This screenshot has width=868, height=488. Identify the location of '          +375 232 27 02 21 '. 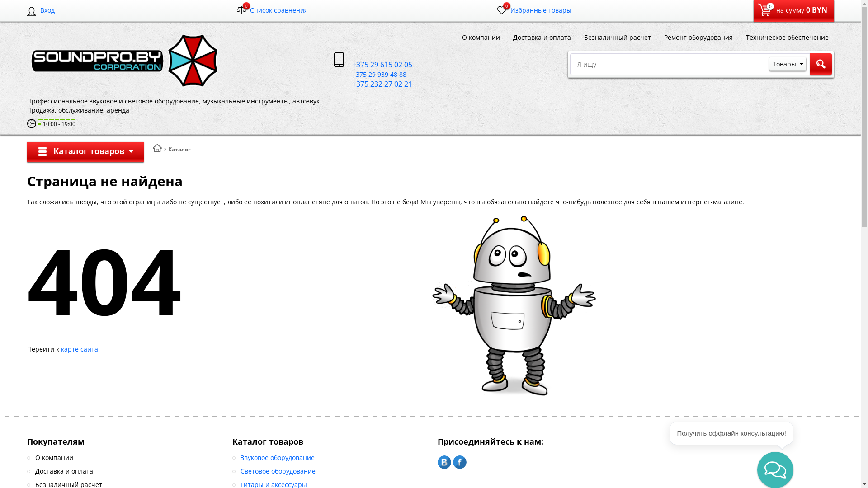
(374, 84).